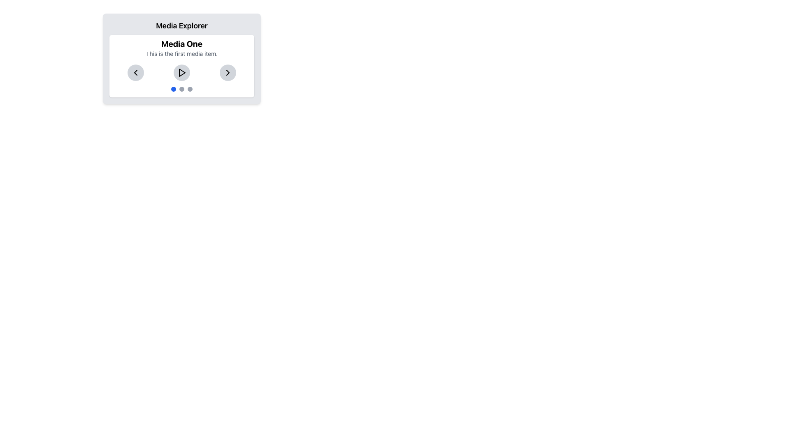 The image size is (790, 444). I want to click on the forward navigation button located in the rightmost position of the media player control section below 'Media Explorer' and 'Media One', so click(228, 72).